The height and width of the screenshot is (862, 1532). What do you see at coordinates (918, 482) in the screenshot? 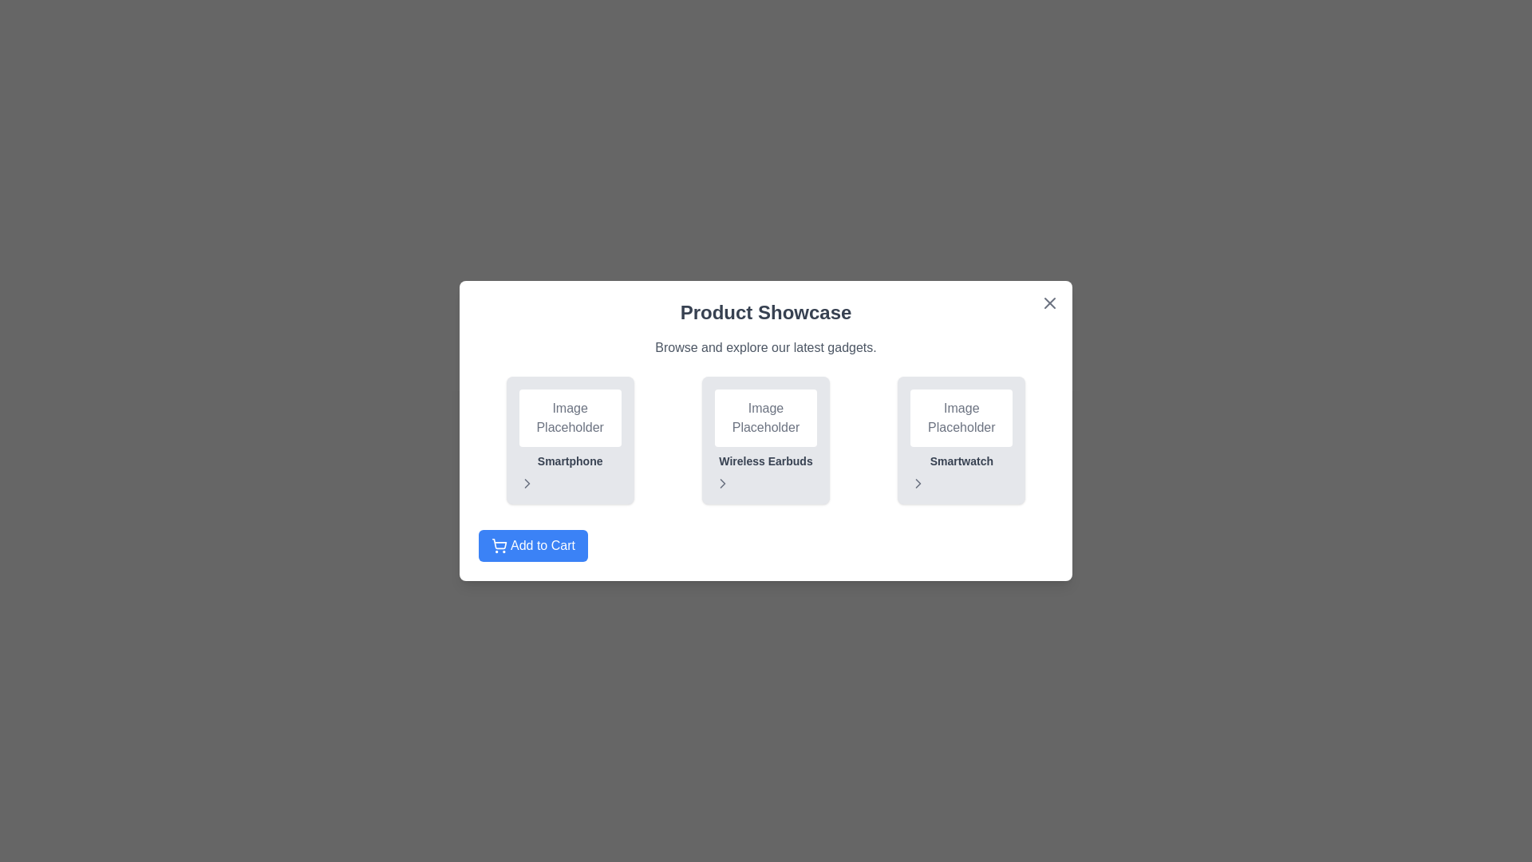
I see `the right-facing chevron icon located at the bottom right of the 'Smartwatch' product card` at bounding box center [918, 482].